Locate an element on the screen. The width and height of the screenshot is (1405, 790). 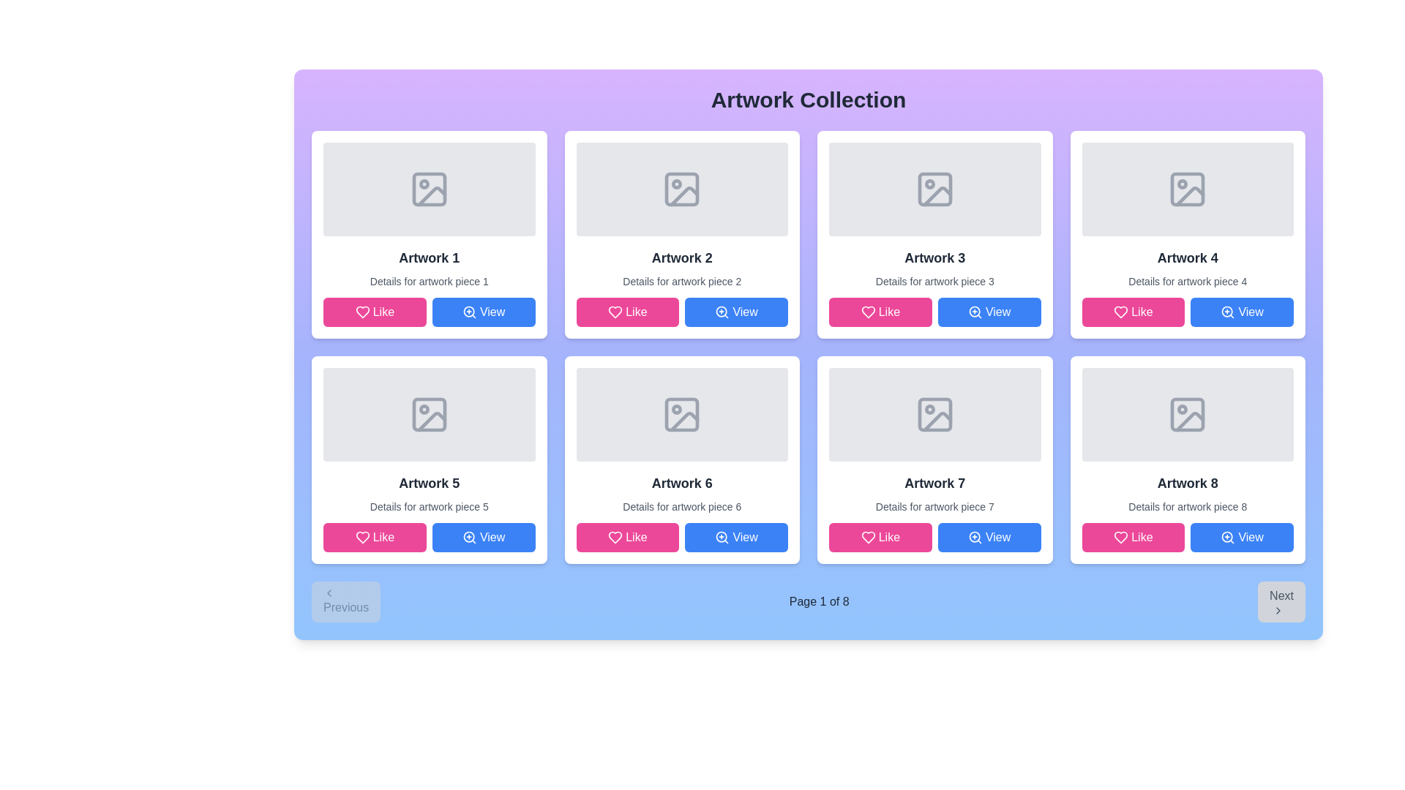
text from the title Text Label that identifies the corresponding artwork, positioned above the description 'Details for artwork piece 5' in the card layout is located at coordinates (428, 483).